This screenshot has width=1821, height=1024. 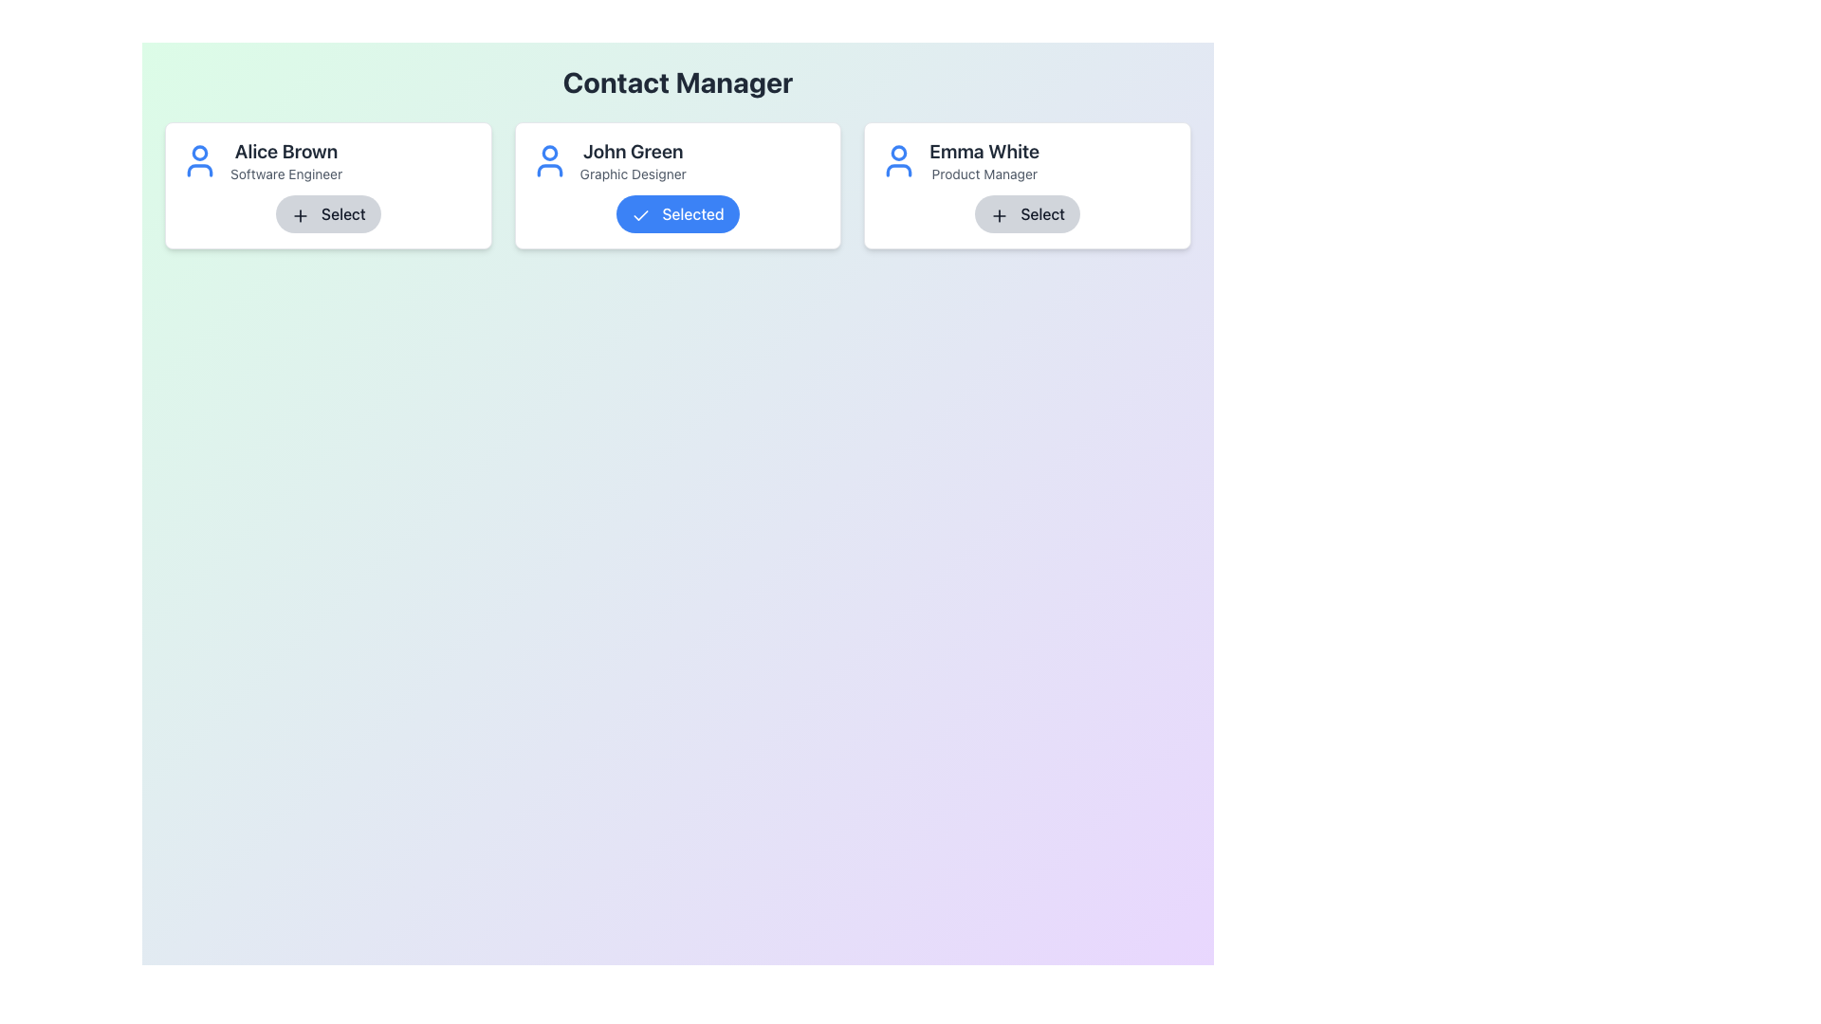 What do you see at coordinates (633, 150) in the screenshot?
I see `the text label reading 'John Green', which is displayed in bold and large font, located under the avatar icon on the profile card` at bounding box center [633, 150].